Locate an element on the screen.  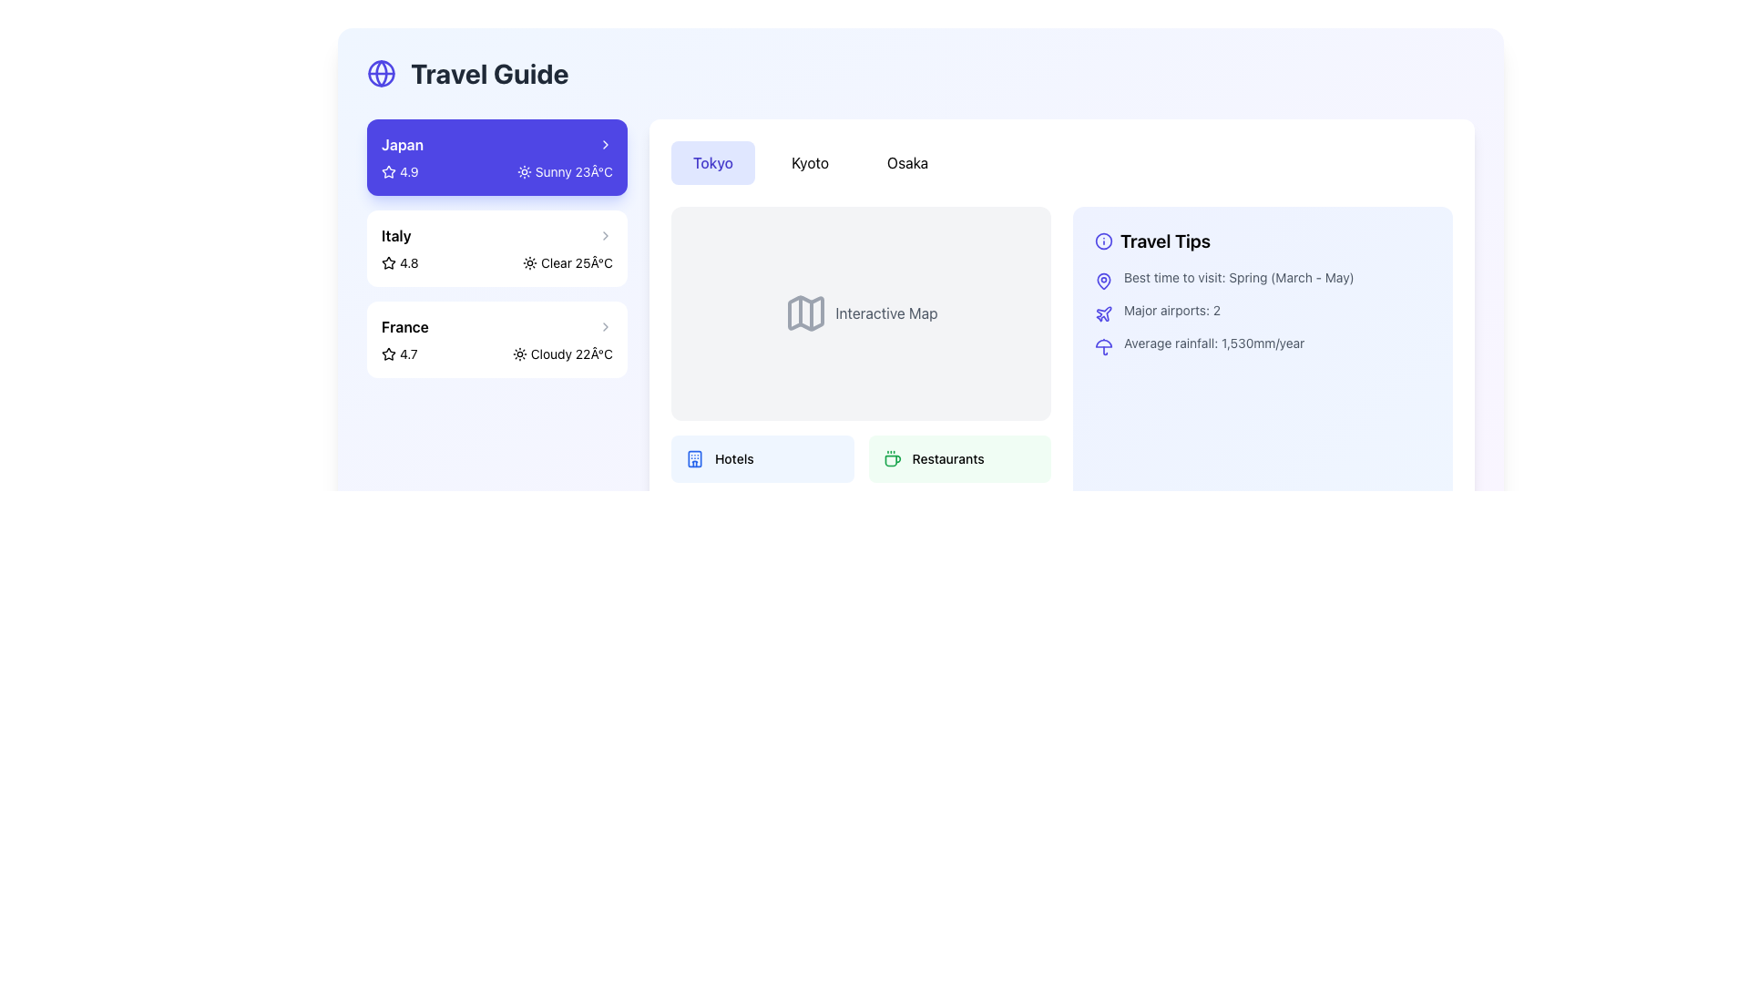
the static text component displaying the current weather condition and temperature for 'Japan', which is aligned with a sunny icon and is located in the rightmost portion of the highlighted area is located at coordinates (573, 172).